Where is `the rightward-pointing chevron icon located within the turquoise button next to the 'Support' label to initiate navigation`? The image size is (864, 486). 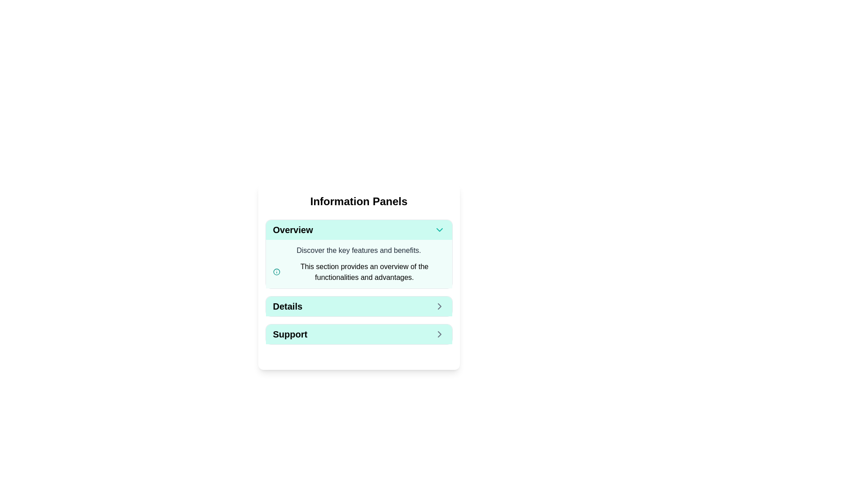 the rightward-pointing chevron icon located within the turquoise button next to the 'Support' label to initiate navigation is located at coordinates (439, 306).